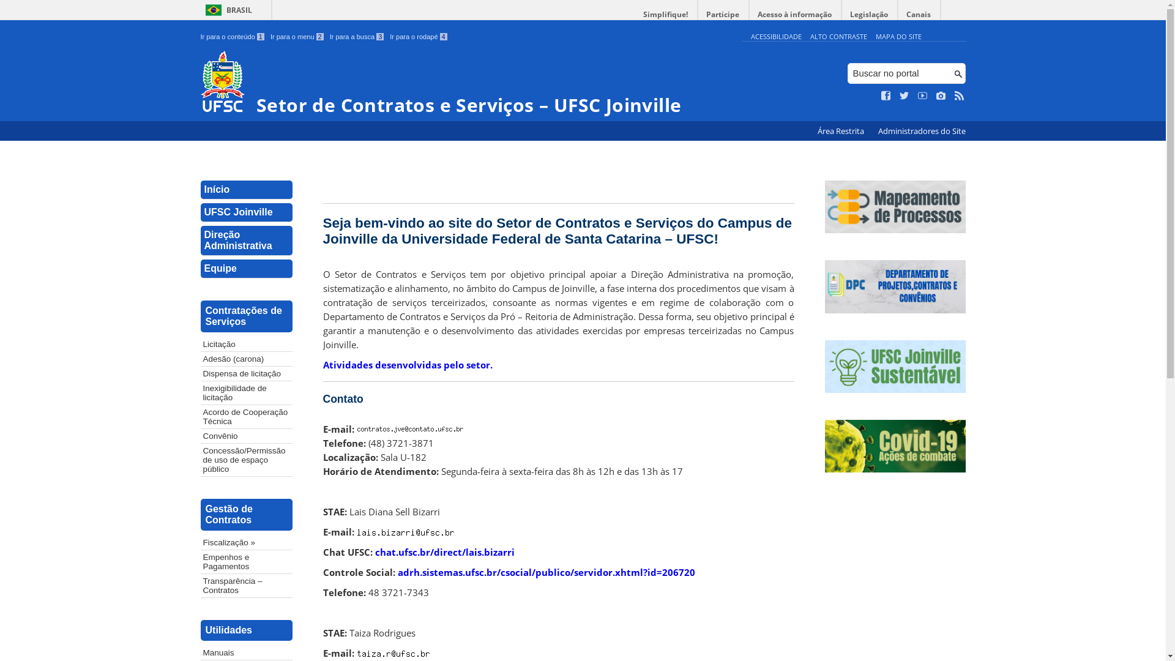 The image size is (1175, 661). Describe the element at coordinates (246, 212) in the screenshot. I see `'UFSC Joinville'` at that location.